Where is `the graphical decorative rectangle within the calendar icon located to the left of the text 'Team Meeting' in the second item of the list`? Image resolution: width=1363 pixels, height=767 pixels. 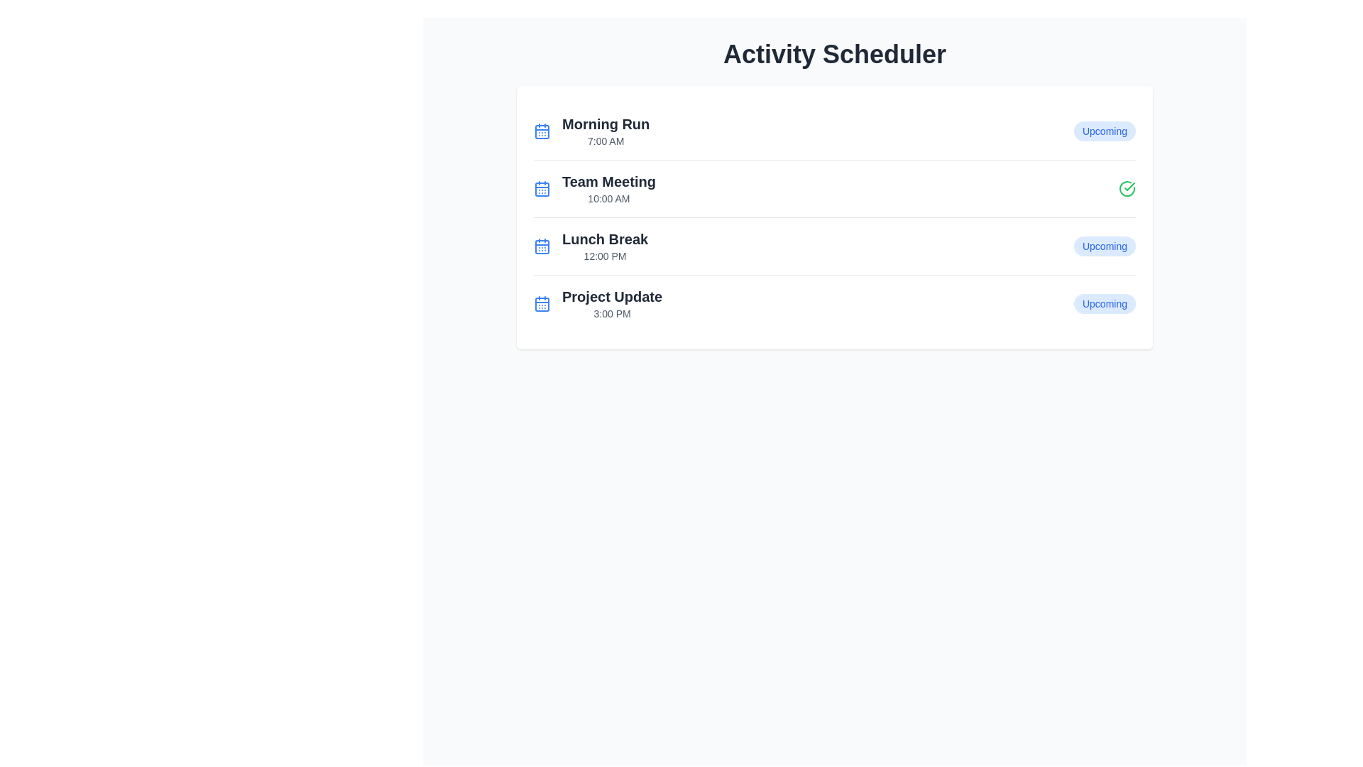
the graphical decorative rectangle within the calendar icon located to the left of the text 'Team Meeting' in the second item of the list is located at coordinates (541, 188).